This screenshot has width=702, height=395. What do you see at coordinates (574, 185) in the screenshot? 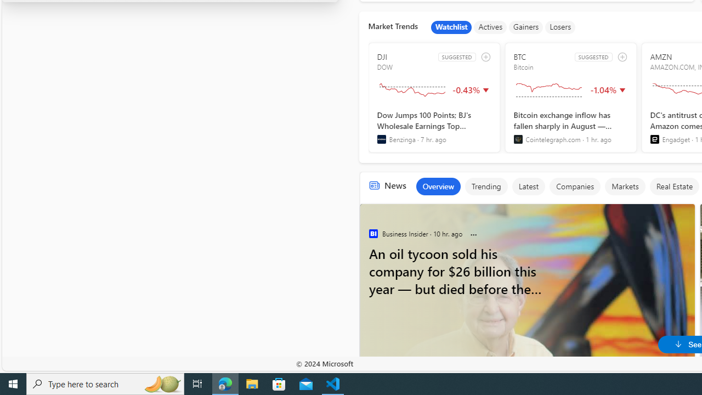
I see `'Companies'` at bounding box center [574, 185].